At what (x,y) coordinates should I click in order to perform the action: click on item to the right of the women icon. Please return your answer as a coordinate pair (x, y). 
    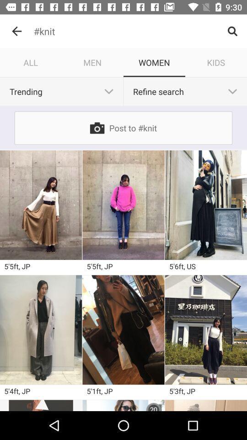
    Looking at the image, I should click on (216, 62).